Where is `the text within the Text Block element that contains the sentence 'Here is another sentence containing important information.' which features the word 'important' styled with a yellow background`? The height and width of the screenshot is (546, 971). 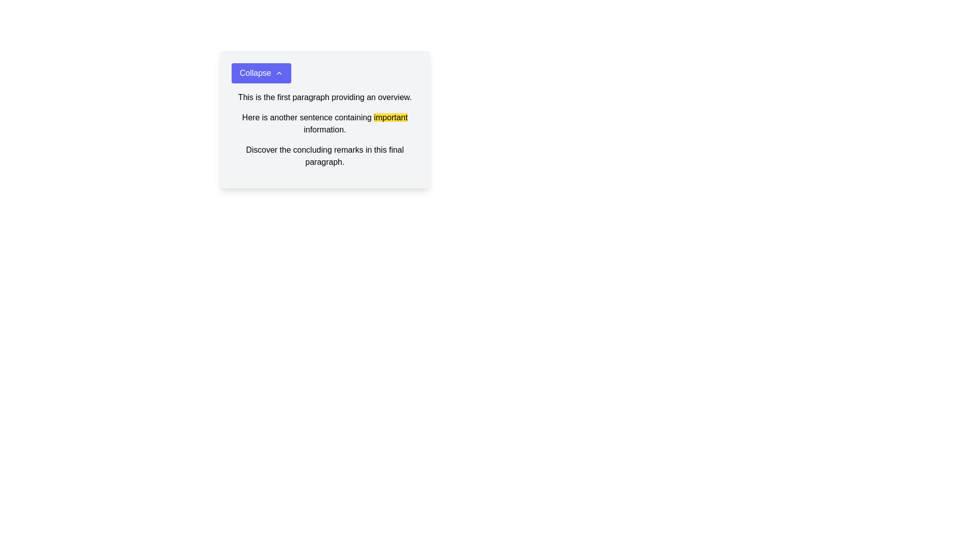
the text within the Text Block element that contains the sentence 'Here is another sentence containing important information.' which features the word 'important' styled with a yellow background is located at coordinates (325, 123).